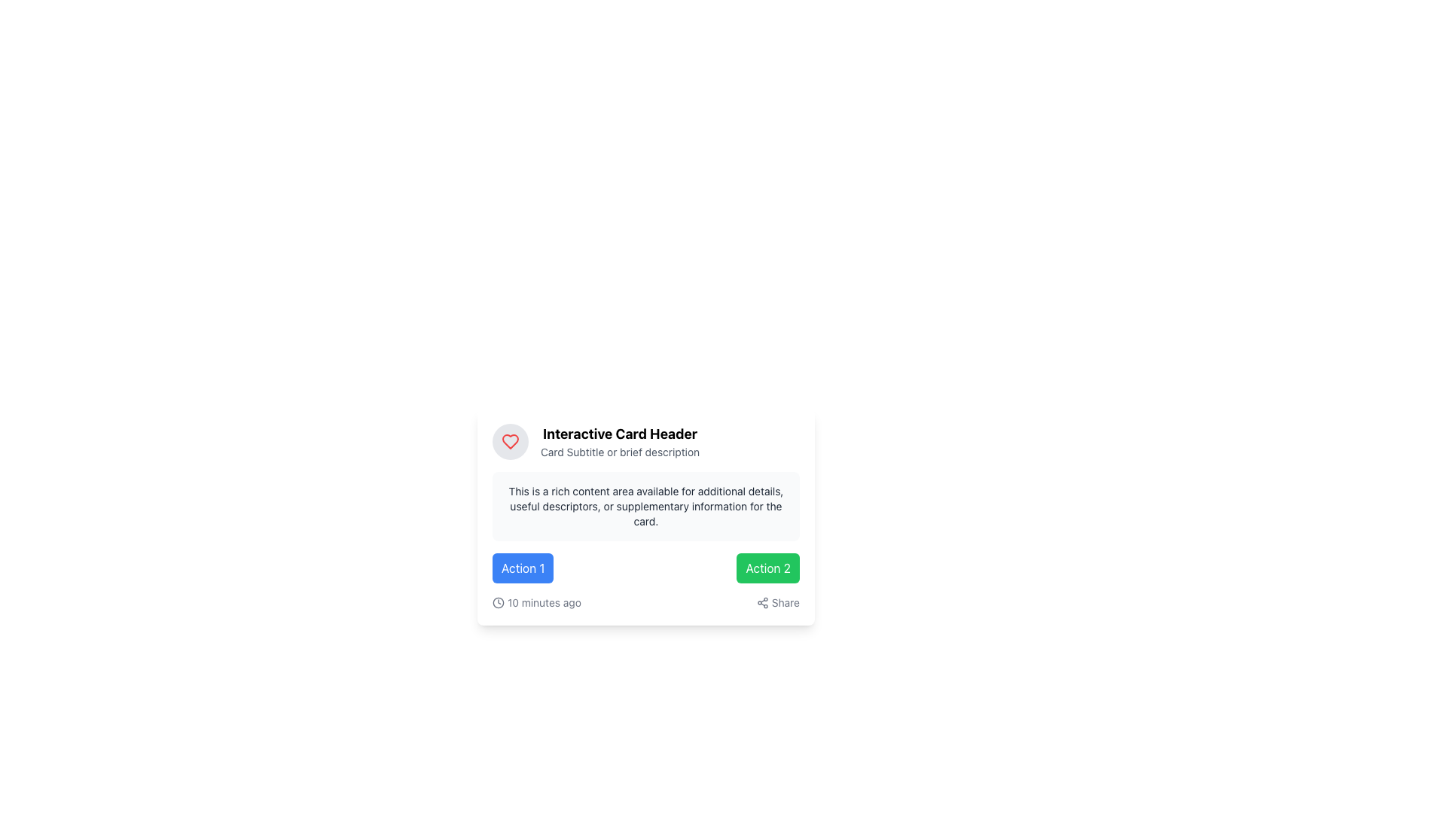  Describe the element at coordinates (646, 506) in the screenshot. I see `the text block that provides additional descriptive information about the card, which is centrally placed within a light gray rounded box underneath the card's header and above the action buttons` at that location.